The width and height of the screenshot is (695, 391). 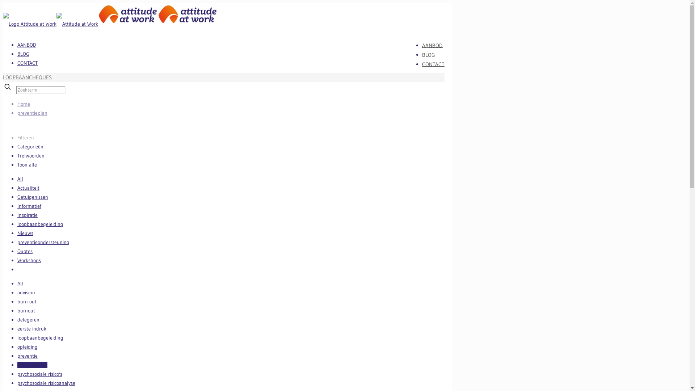 I want to click on 'Workshops', so click(x=29, y=260).